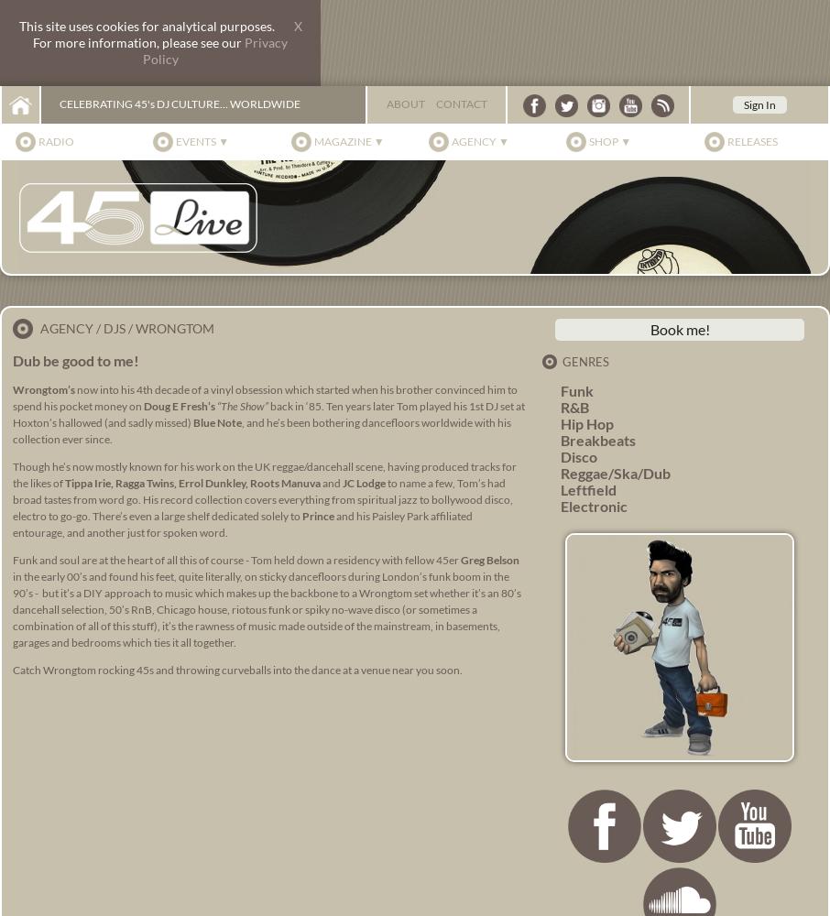 The image size is (830, 916). What do you see at coordinates (449, 140) in the screenshot?
I see `'Agency ▼'` at bounding box center [449, 140].